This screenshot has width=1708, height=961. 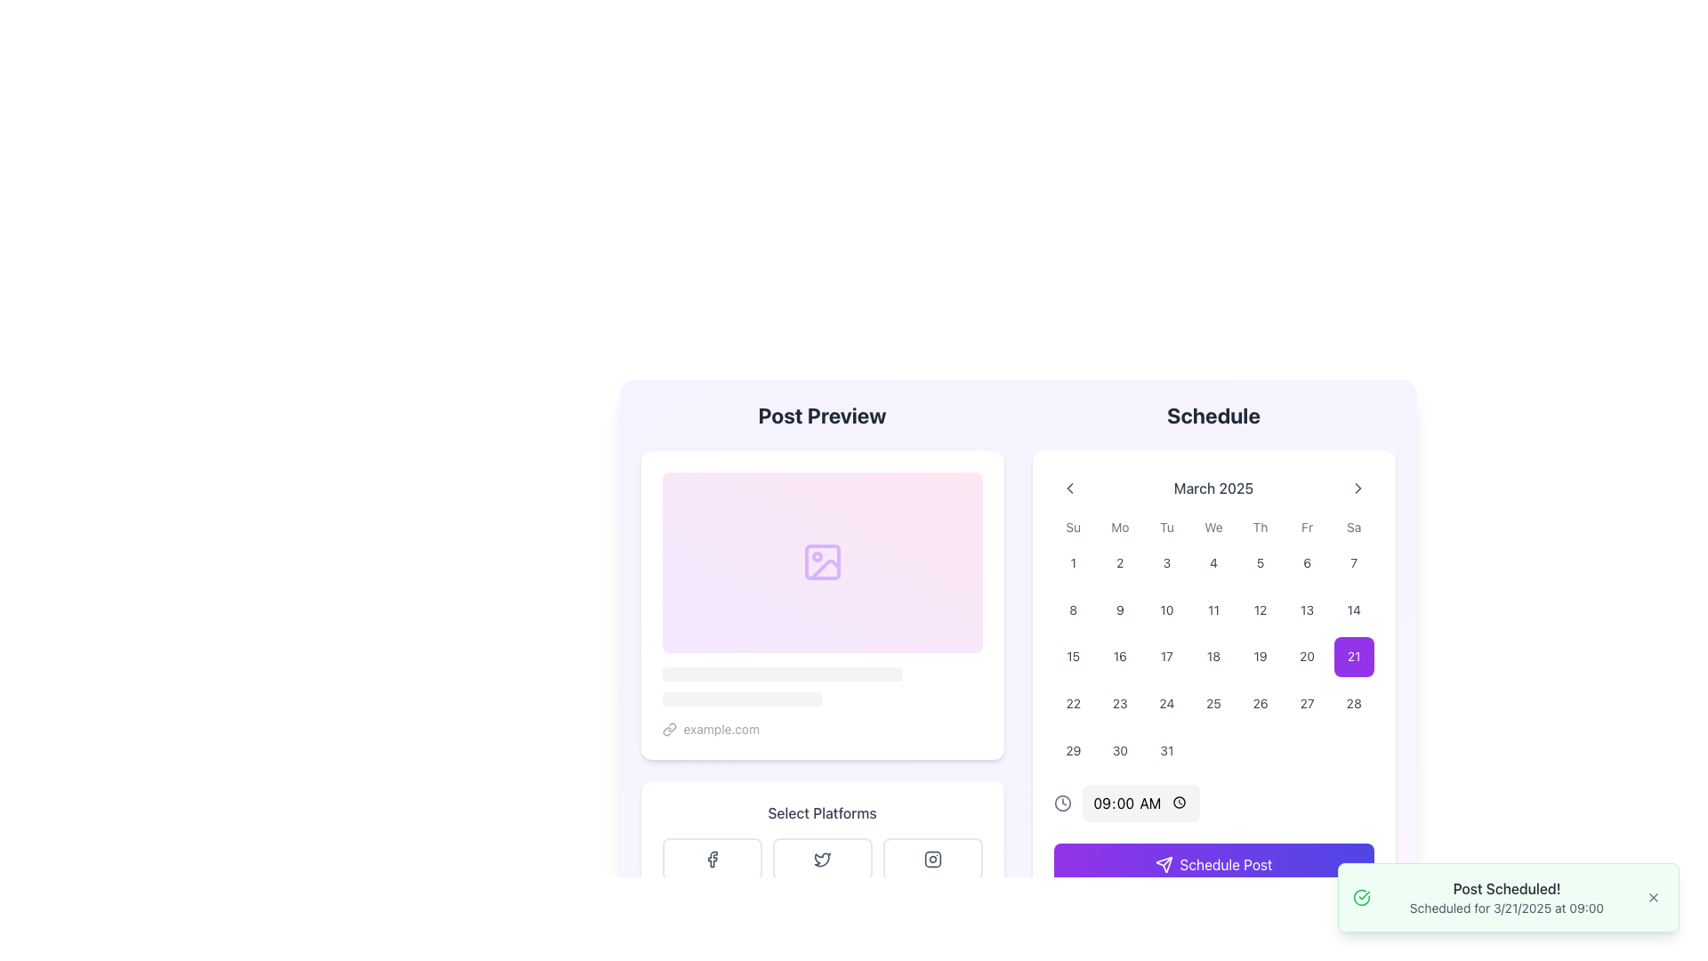 I want to click on the date button representing Thursday, March 18th, so click(x=1213, y=657).